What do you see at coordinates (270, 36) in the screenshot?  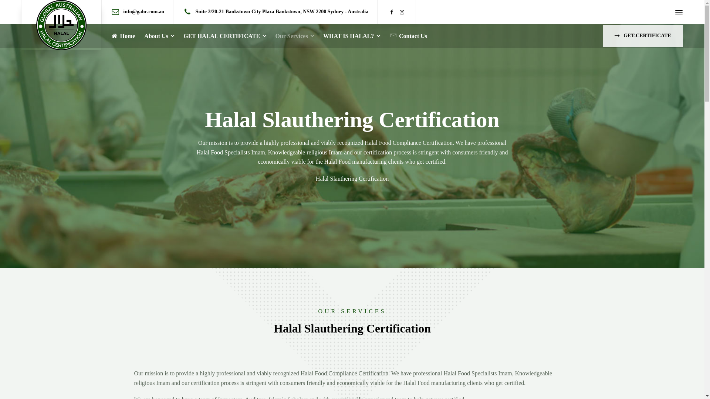 I see `'Our Services'` at bounding box center [270, 36].